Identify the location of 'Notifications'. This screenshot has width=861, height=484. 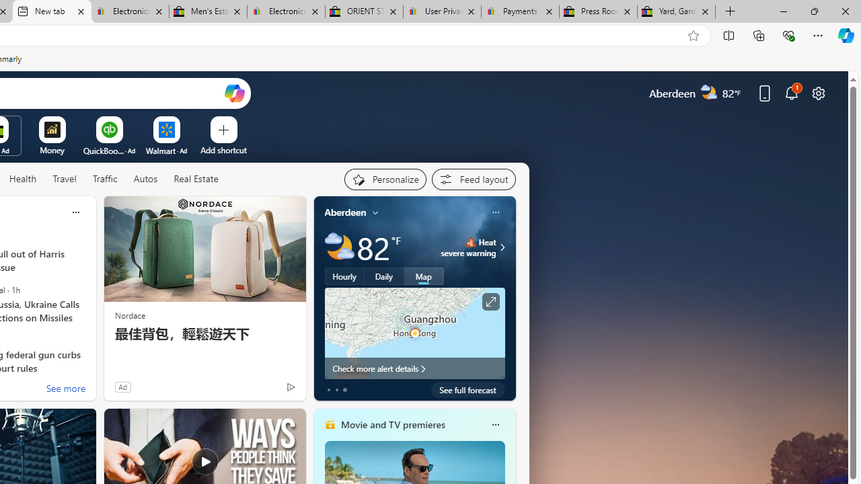
(791, 92).